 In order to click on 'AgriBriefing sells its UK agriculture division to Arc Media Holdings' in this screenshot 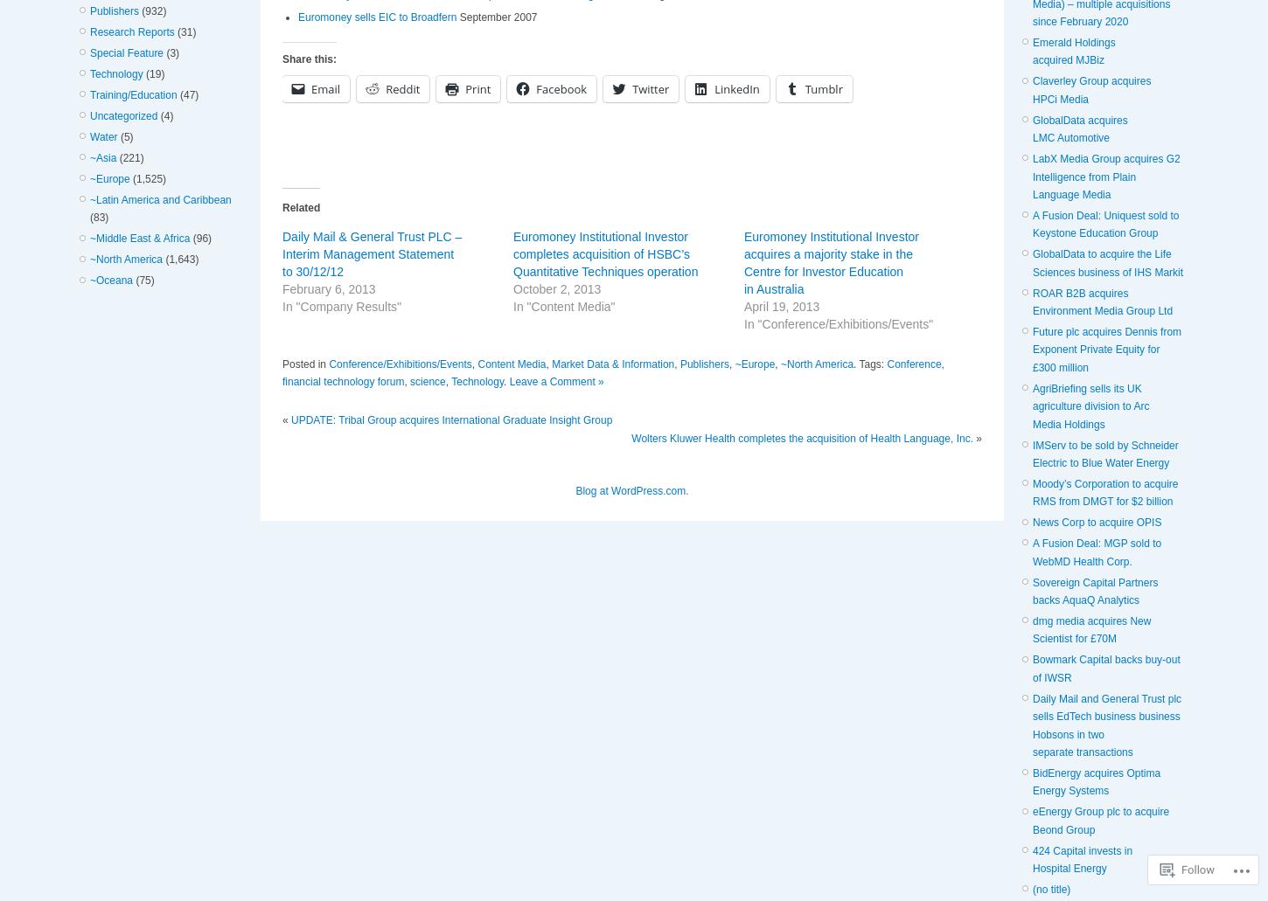, I will do `click(1090, 405)`.